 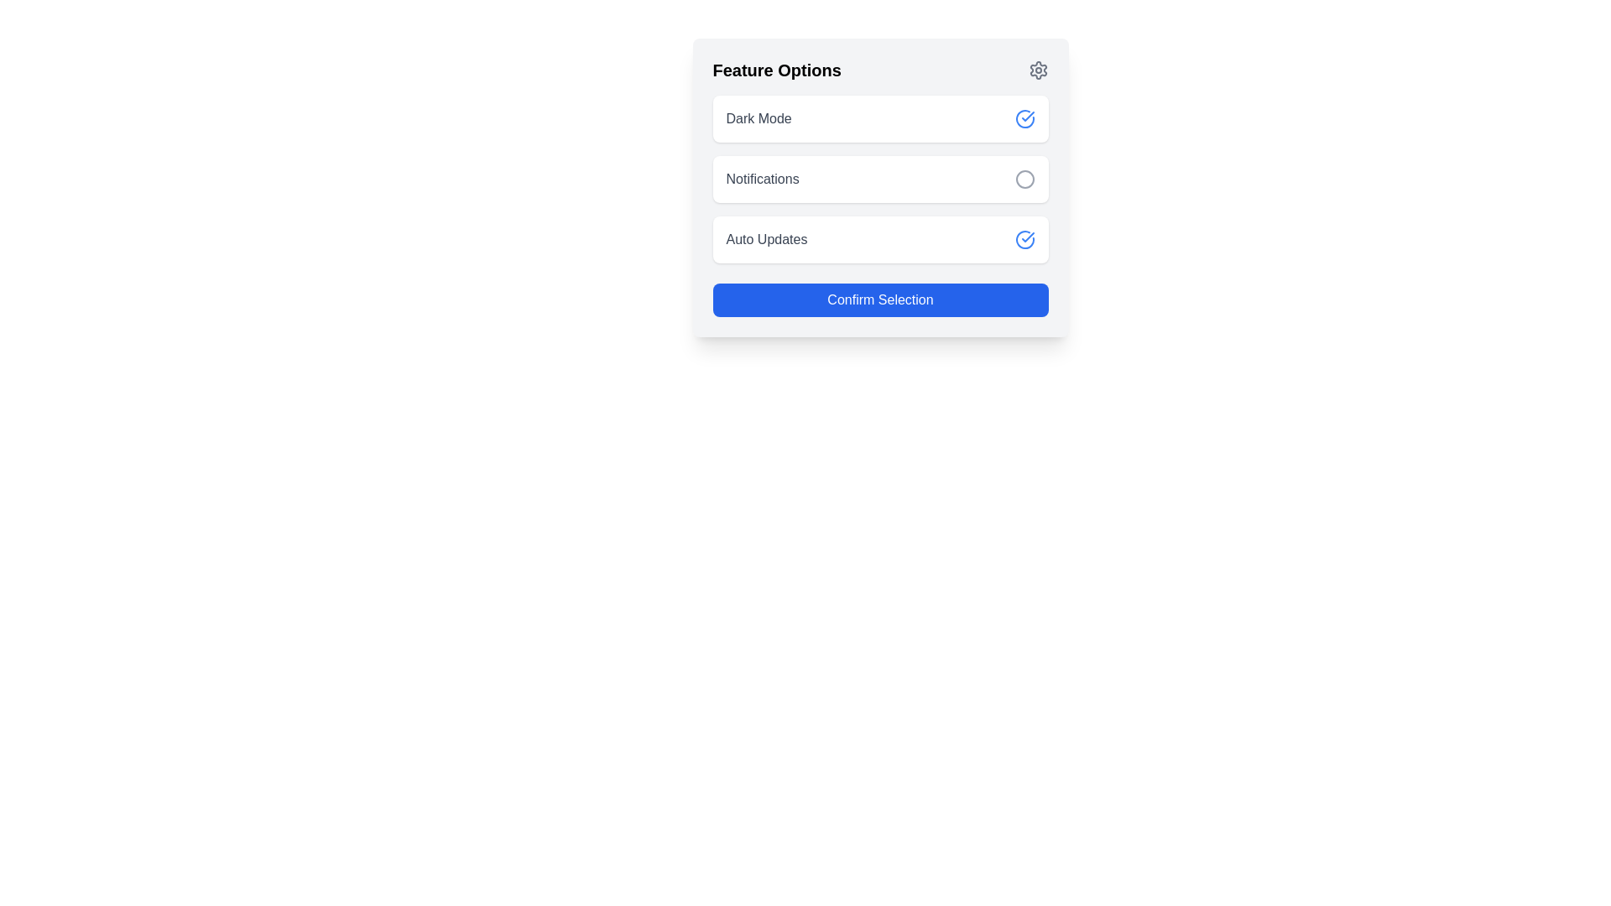 What do you see at coordinates (762, 179) in the screenshot?
I see `the 'Notifications' text label, which is the second item in a vertical list` at bounding box center [762, 179].